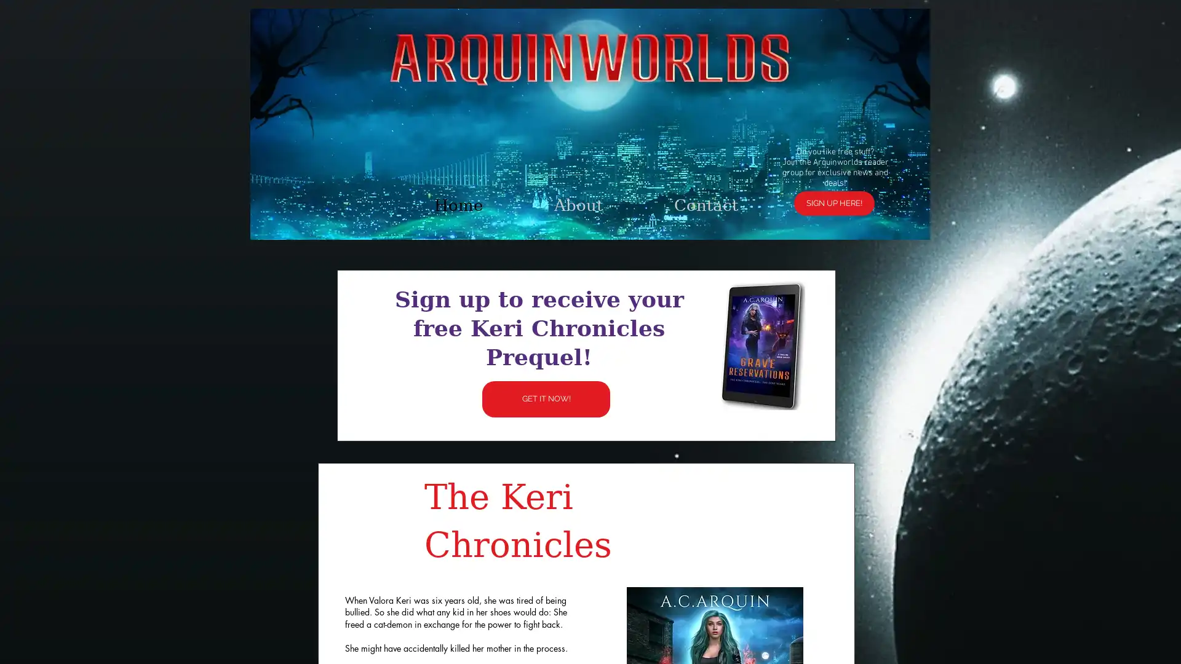 This screenshot has width=1181, height=664. Describe the element at coordinates (773, 185) in the screenshot. I see `Back to site` at that location.